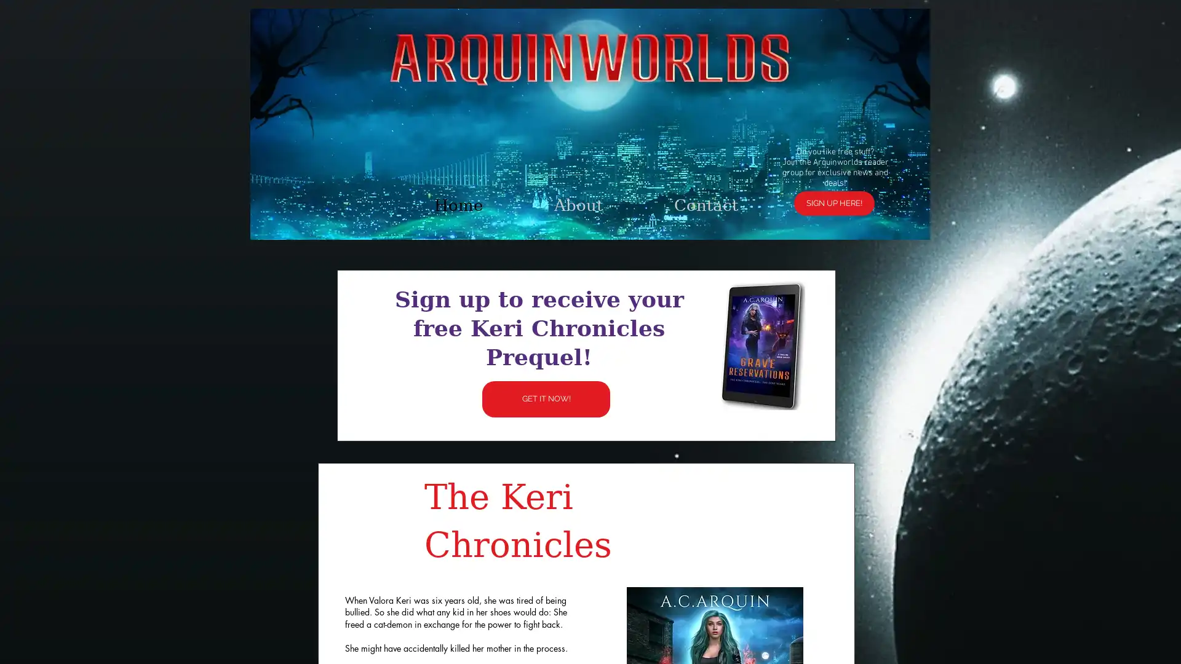 This screenshot has width=1181, height=664. Describe the element at coordinates (773, 185) in the screenshot. I see `Back to site` at that location.